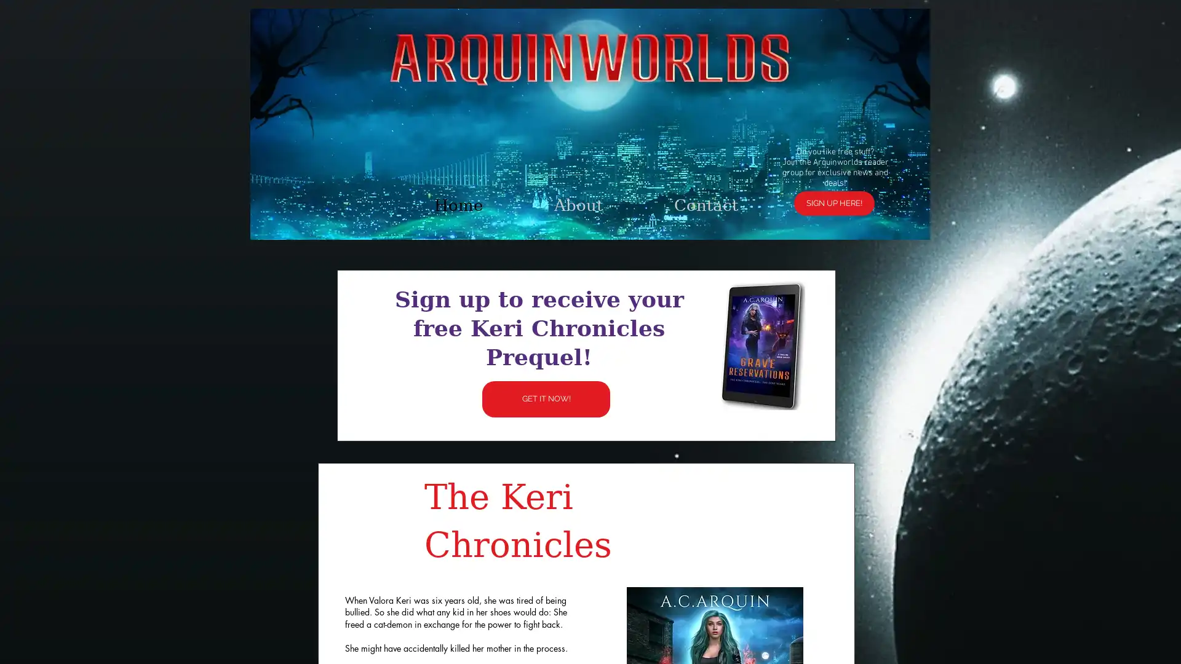 This screenshot has width=1181, height=664. Describe the element at coordinates (773, 185) in the screenshot. I see `Back to site` at that location.